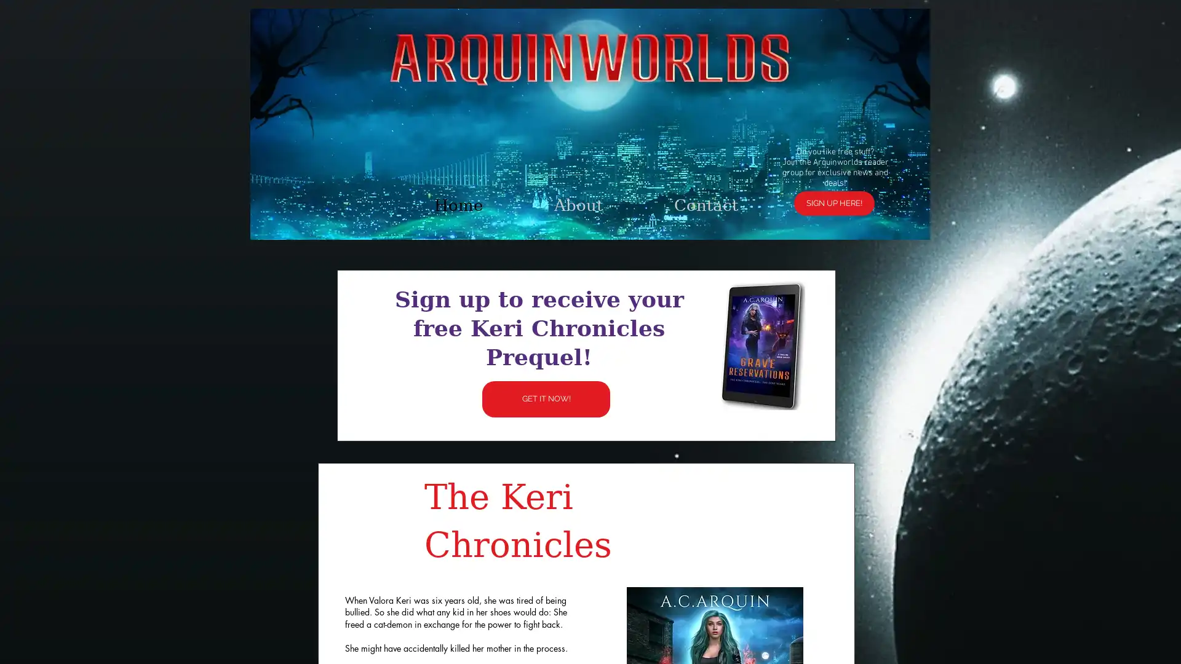 This screenshot has width=1181, height=664. Describe the element at coordinates (773, 185) in the screenshot. I see `Back to site` at that location.